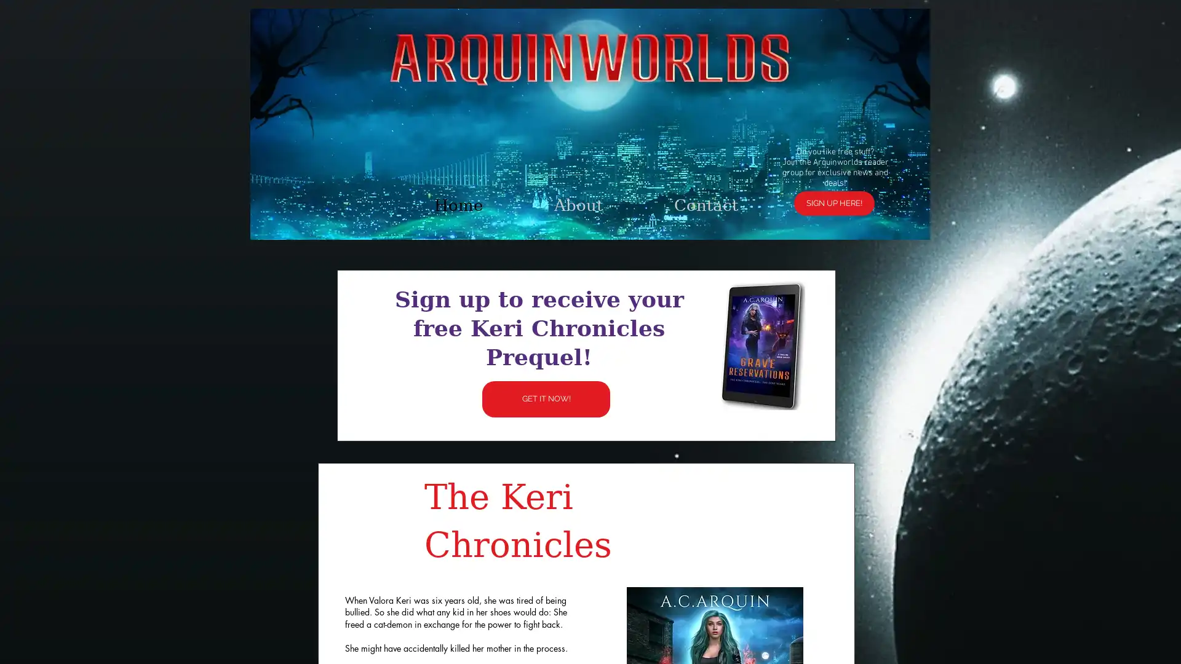 This screenshot has width=1181, height=664. Describe the element at coordinates (773, 185) in the screenshot. I see `Back to site` at that location.